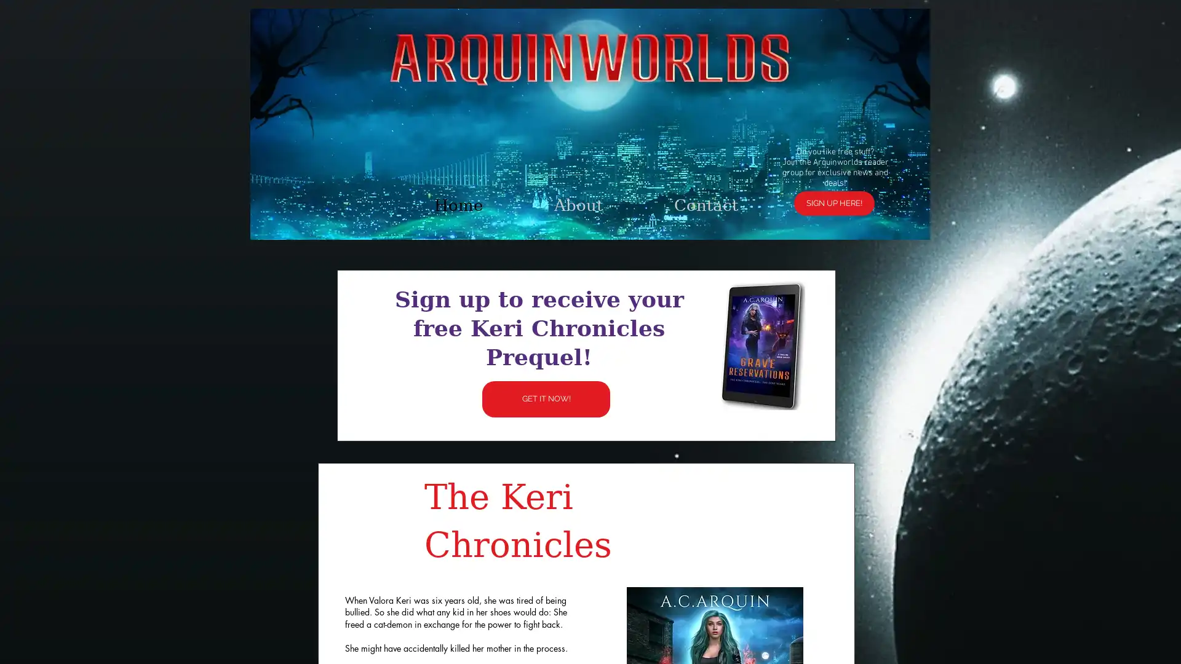 This screenshot has width=1181, height=664. Describe the element at coordinates (773, 185) in the screenshot. I see `Back to site` at that location.